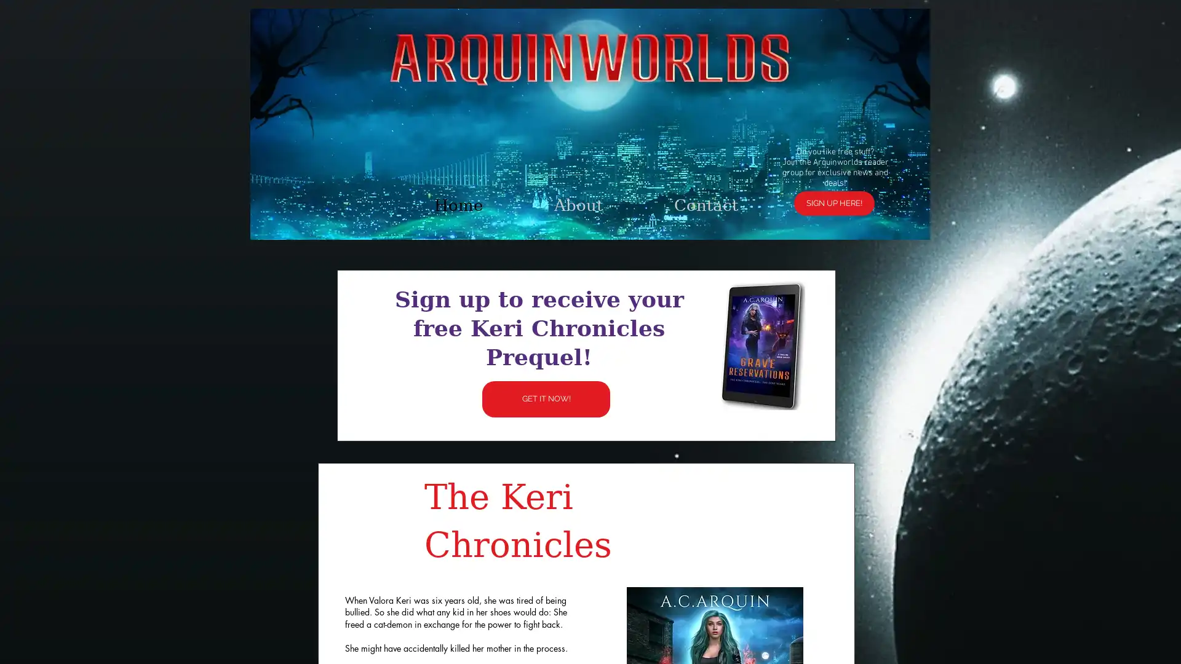 This screenshot has width=1181, height=664. Describe the element at coordinates (773, 185) in the screenshot. I see `Back to site` at that location.